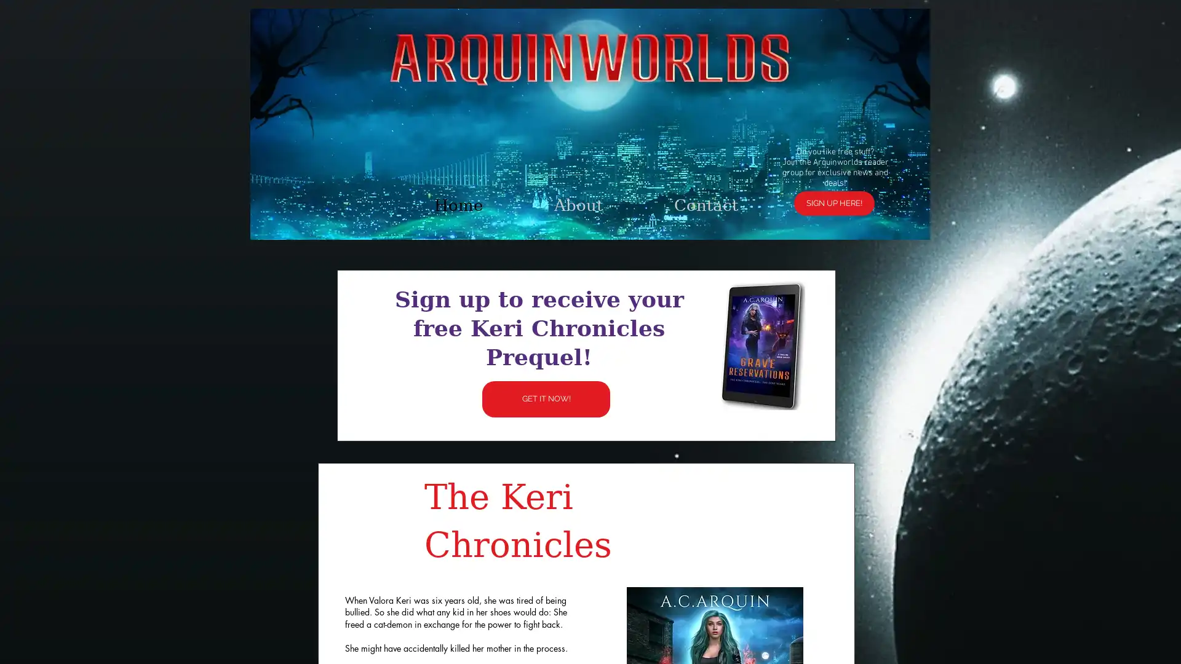 This screenshot has width=1181, height=664. Describe the element at coordinates (773, 185) in the screenshot. I see `Back to site` at that location.